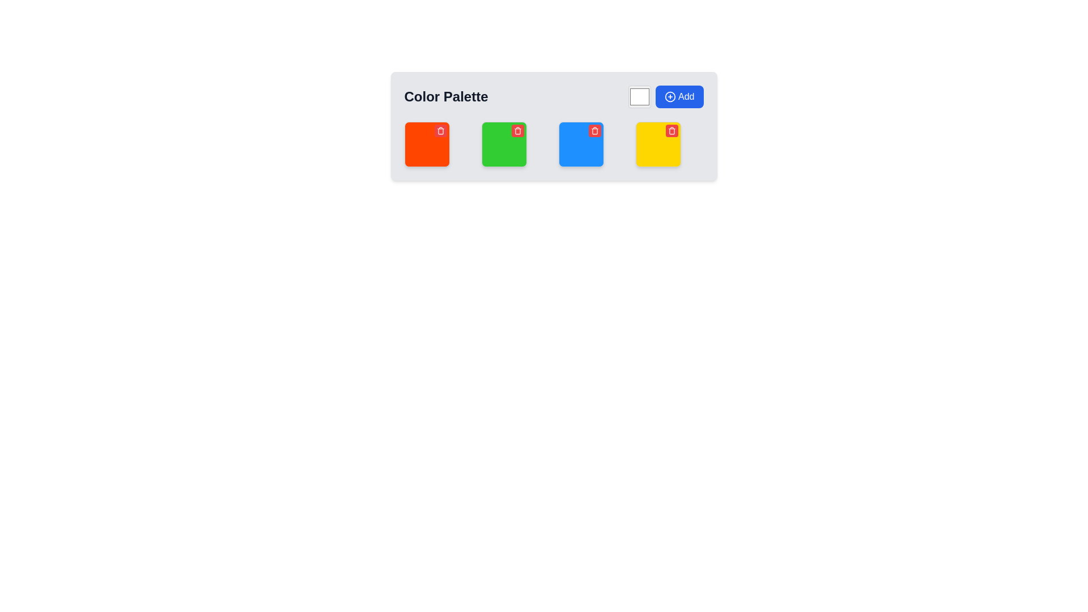  I want to click on the deletion button located in the top-right corner of the third tile in the color palette, so click(594, 130).